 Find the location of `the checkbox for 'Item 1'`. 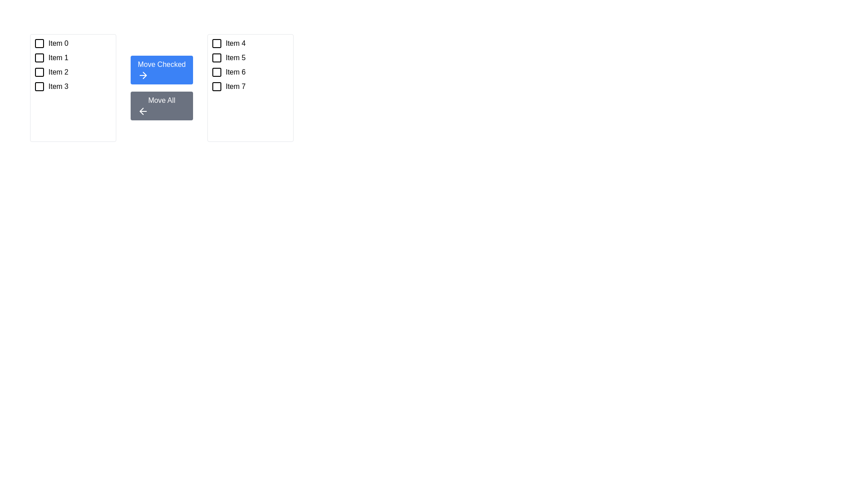

the checkbox for 'Item 1' is located at coordinates (39, 57).